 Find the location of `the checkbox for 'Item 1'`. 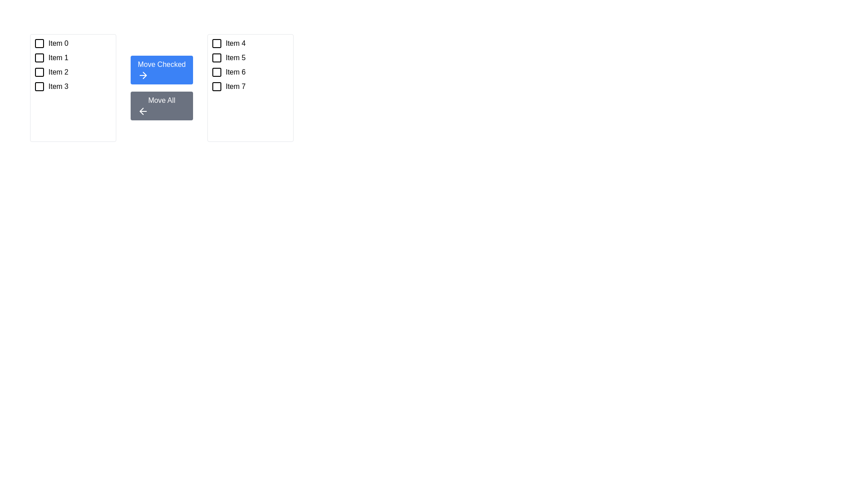

the checkbox for 'Item 1' is located at coordinates (39, 57).